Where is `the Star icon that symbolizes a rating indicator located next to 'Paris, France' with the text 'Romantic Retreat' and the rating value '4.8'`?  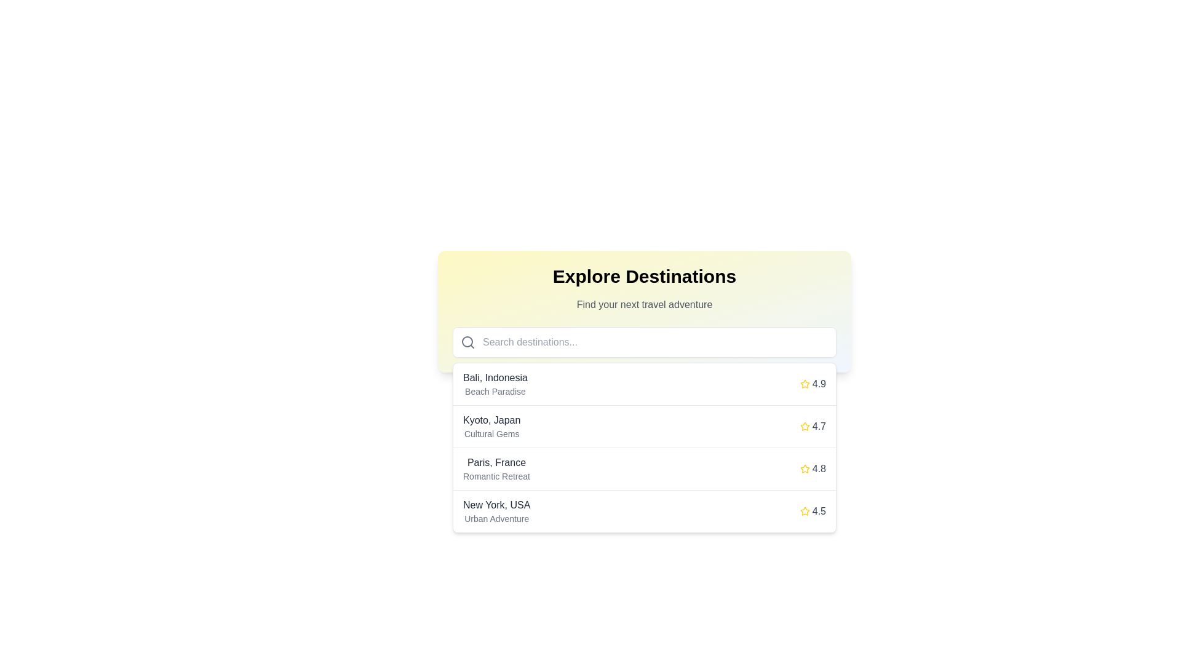
the Star icon that symbolizes a rating indicator located next to 'Paris, France' with the text 'Romantic Retreat' and the rating value '4.8' is located at coordinates (805, 469).